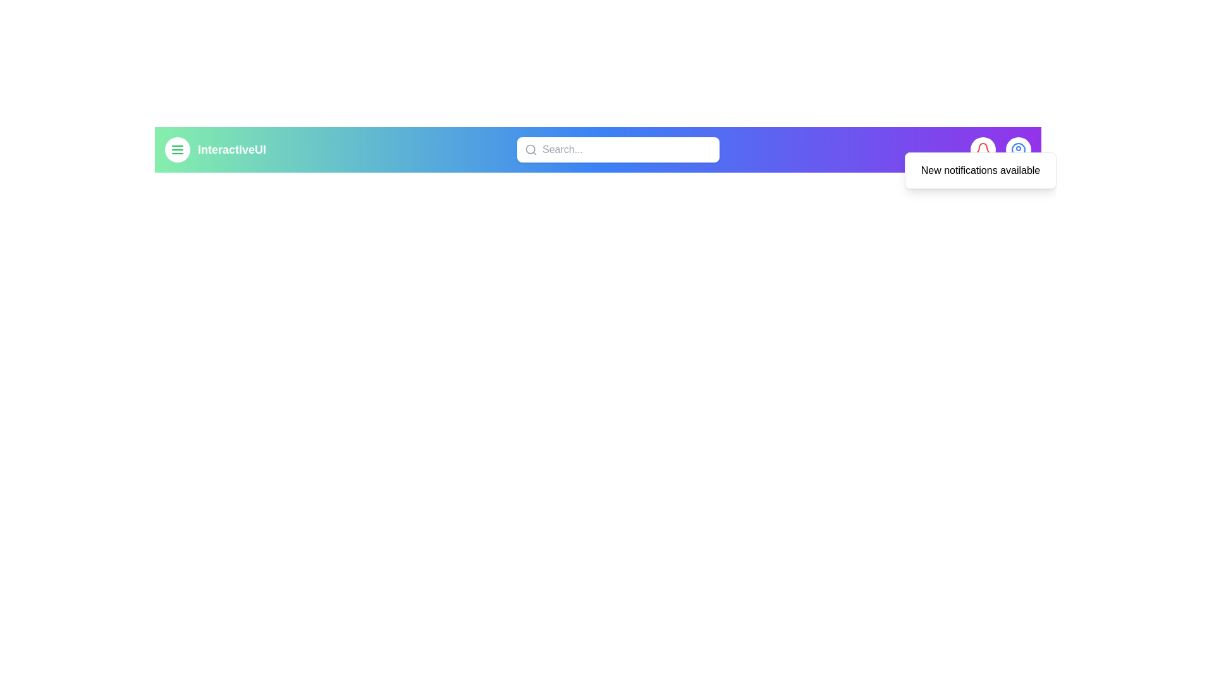  What do you see at coordinates (177, 149) in the screenshot?
I see `the menu button to reveal navigation options` at bounding box center [177, 149].